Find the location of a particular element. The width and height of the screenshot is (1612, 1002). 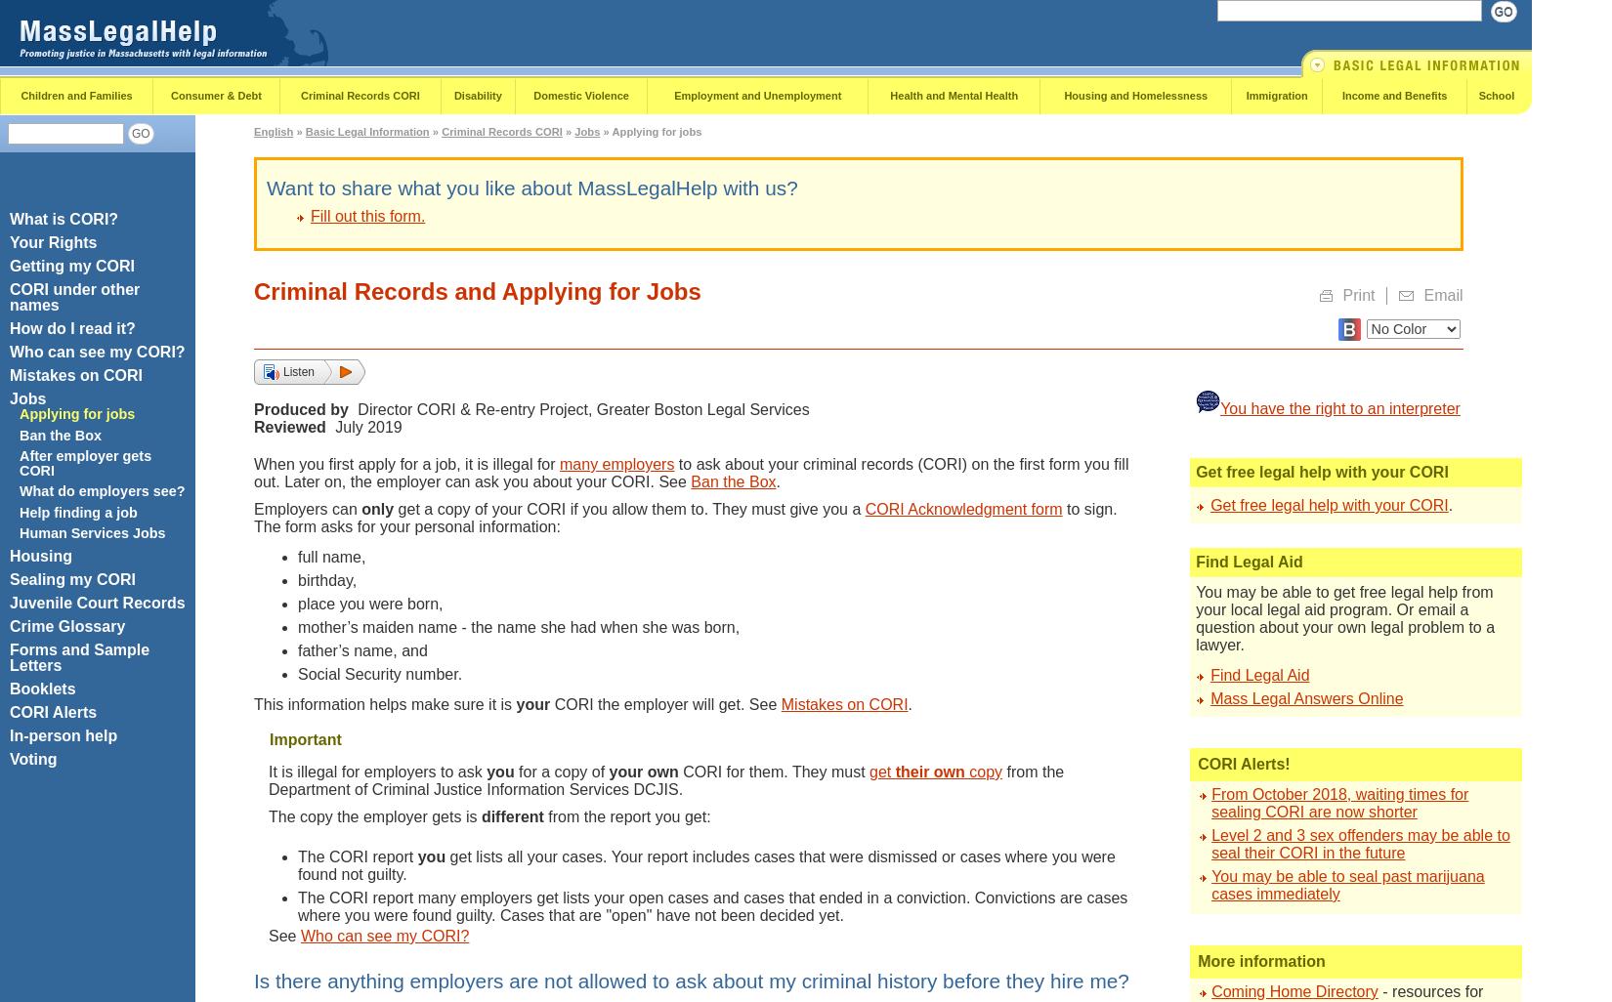

'Domestic Violence' is located at coordinates (531, 94).